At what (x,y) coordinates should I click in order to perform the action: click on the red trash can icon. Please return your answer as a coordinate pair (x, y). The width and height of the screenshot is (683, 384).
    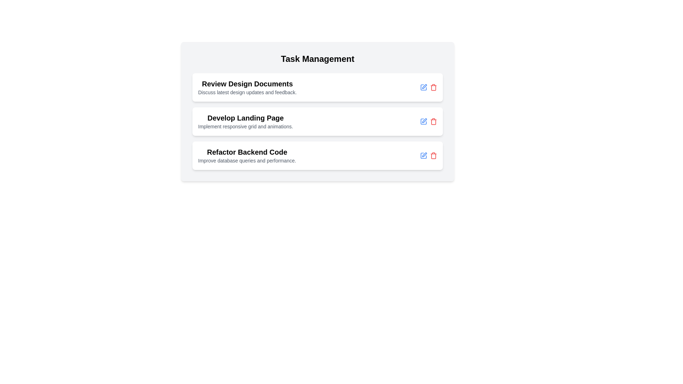
    Looking at the image, I should click on (433, 155).